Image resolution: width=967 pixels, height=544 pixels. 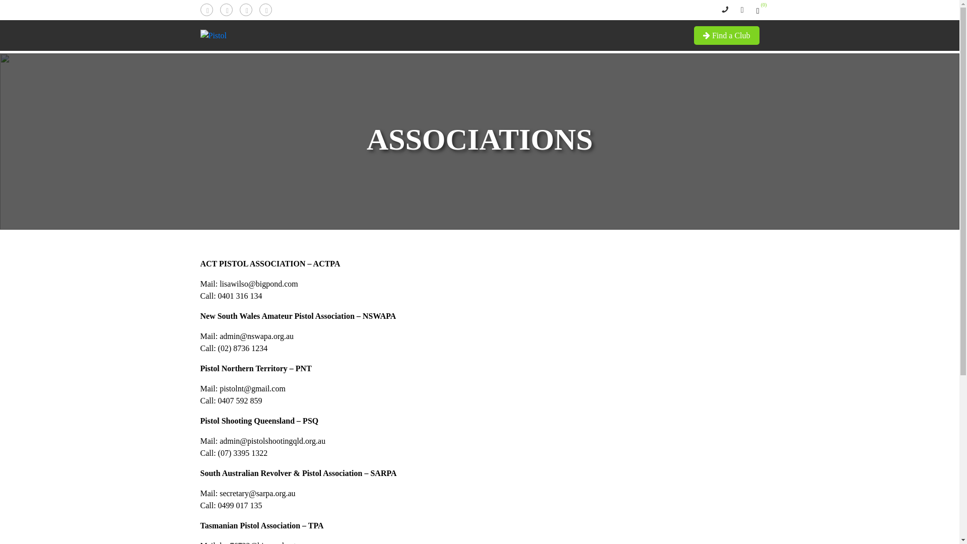 I want to click on 'facebook', so click(x=206, y=9).